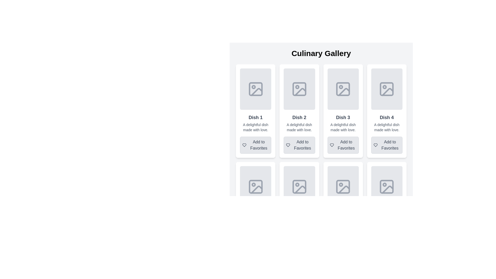 The width and height of the screenshot is (496, 279). I want to click on the small circular SVG element representing the missing image or placeholder for 'Dish 3' entry, located in the second row, third column of the grid layout, so click(341, 184).